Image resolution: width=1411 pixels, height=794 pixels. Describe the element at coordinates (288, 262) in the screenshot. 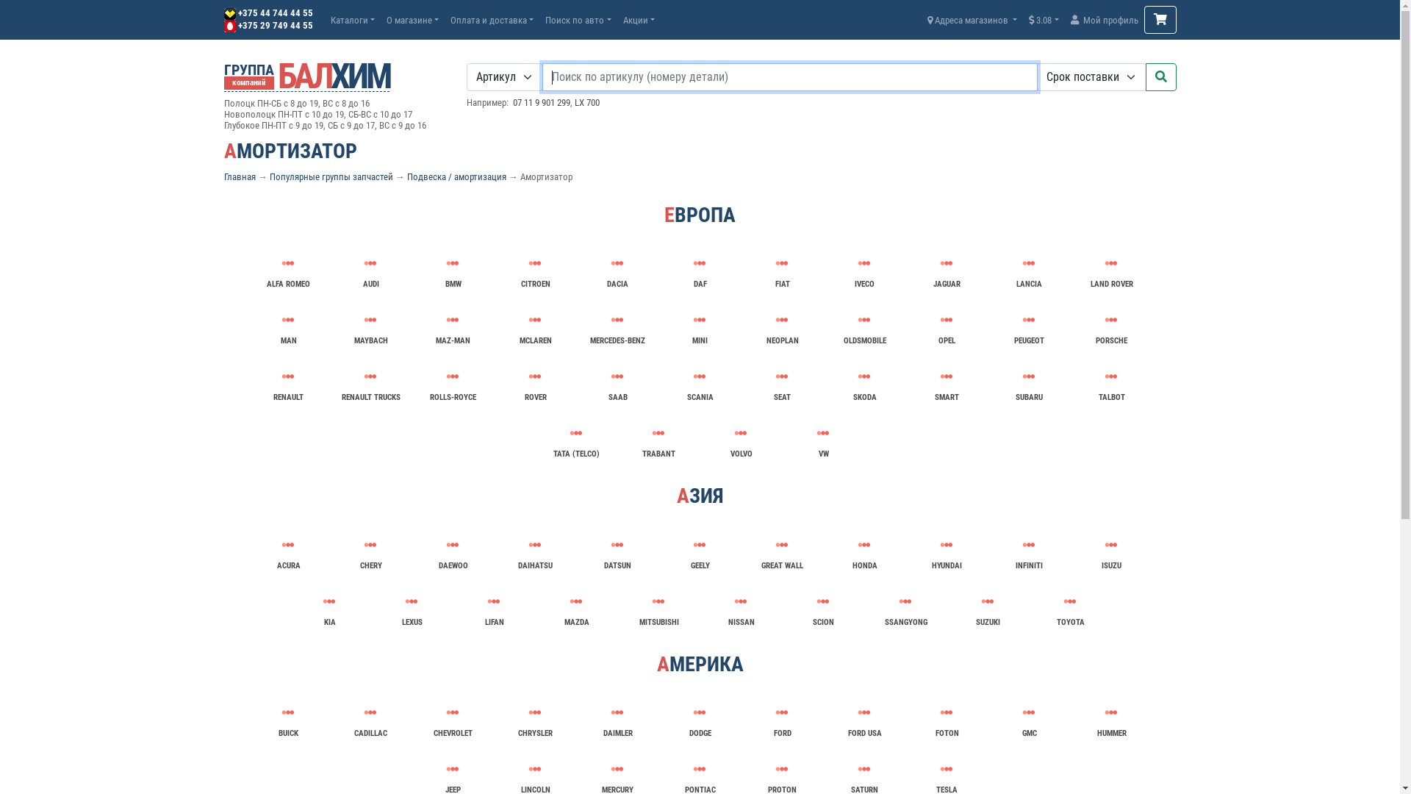

I see `'ALFA ROMEO'` at that location.